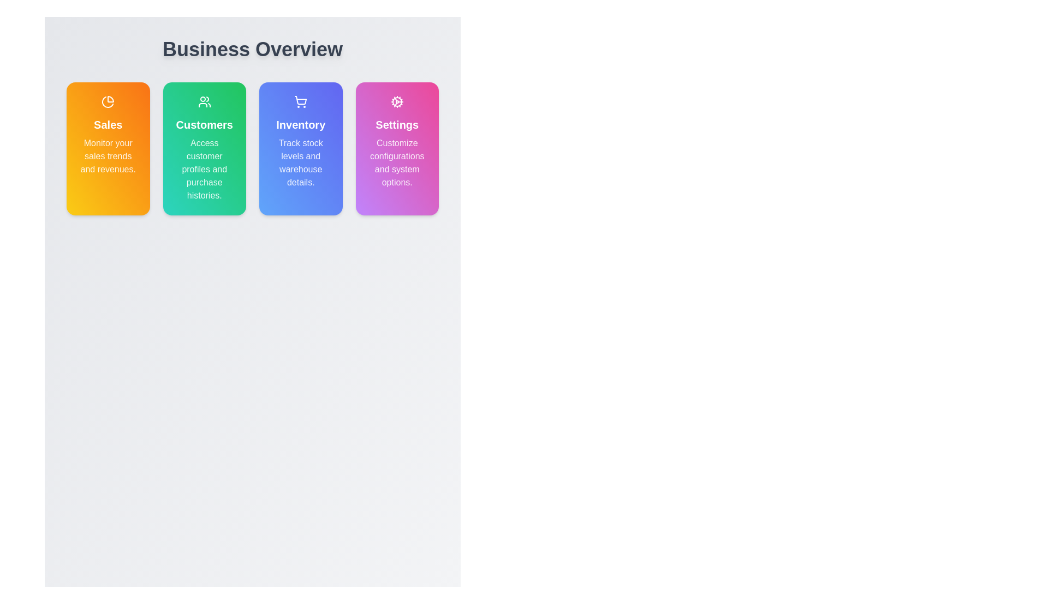 The width and height of the screenshot is (1048, 589). Describe the element at coordinates (396, 101) in the screenshot. I see `the gear icon that represents the 'Settings' functionality, located on the rightmost part of the interface beside other cards such as 'Sales', 'Customers', and 'Inventory'` at that location.